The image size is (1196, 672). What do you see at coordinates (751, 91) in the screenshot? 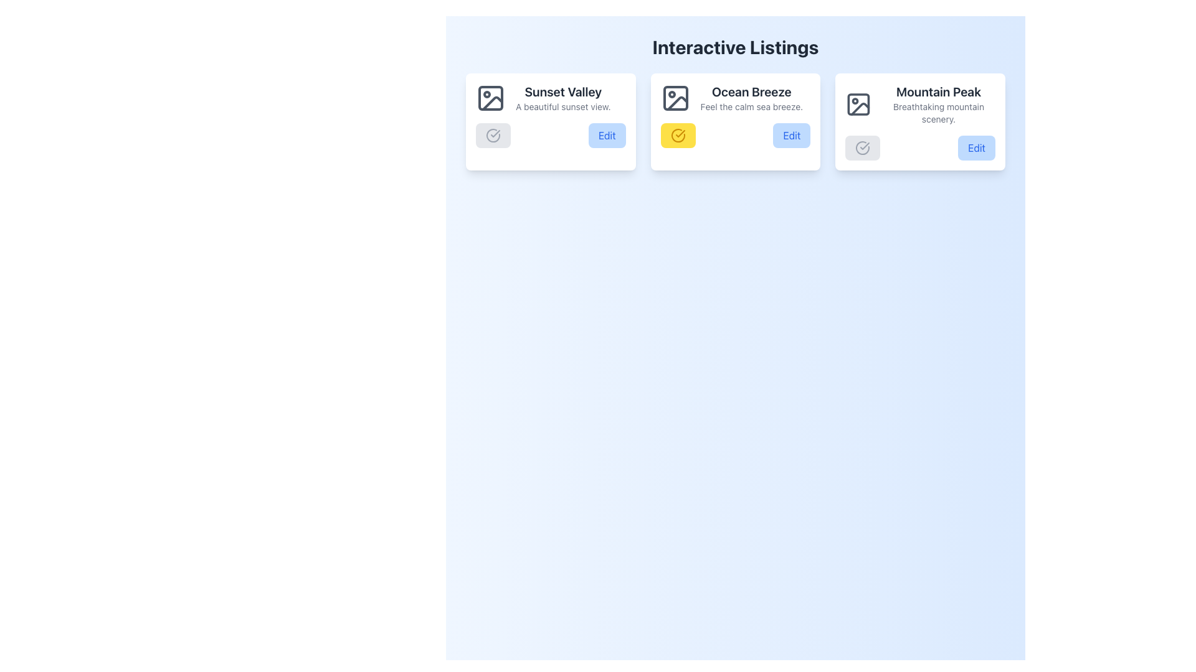
I see `the text element displaying 'Ocean Breeze', which is styled in bold dark gray on a light background, positioned in the center of the second card in a row of three` at bounding box center [751, 91].